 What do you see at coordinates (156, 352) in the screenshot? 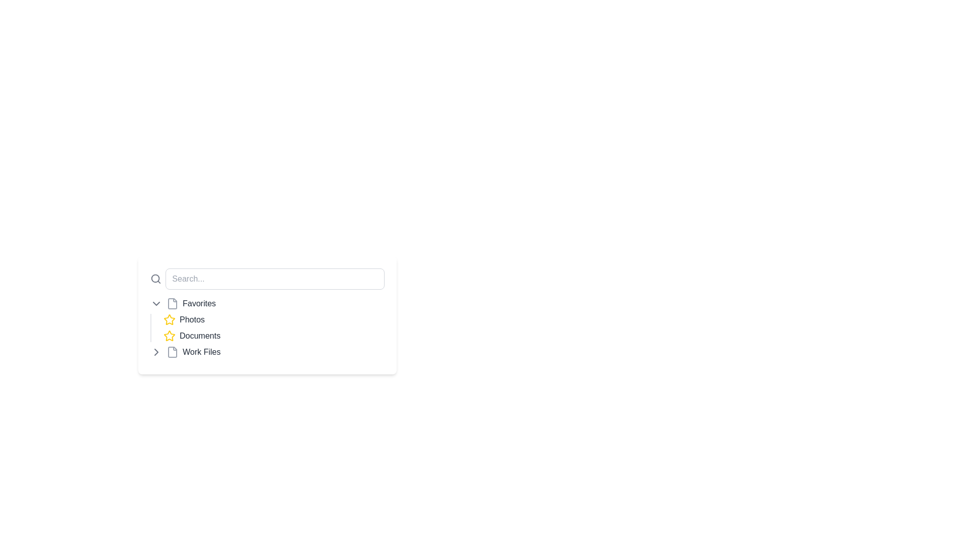
I see `the small right-pointing chevron icon` at bounding box center [156, 352].